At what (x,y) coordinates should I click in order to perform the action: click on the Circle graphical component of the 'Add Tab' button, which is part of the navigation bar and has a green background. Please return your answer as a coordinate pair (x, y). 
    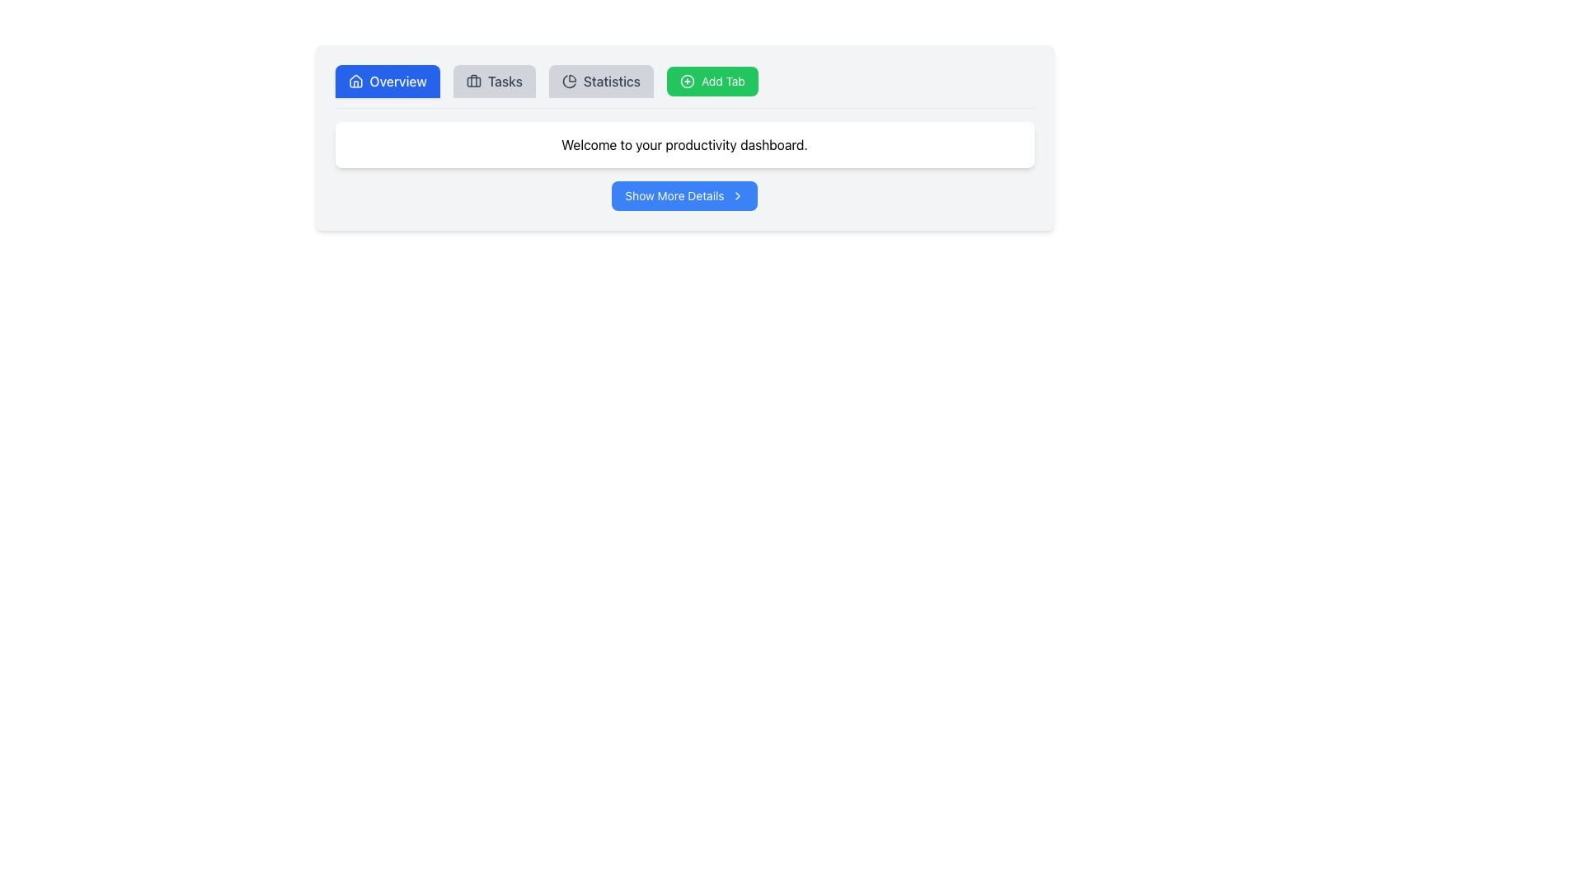
    Looking at the image, I should click on (688, 82).